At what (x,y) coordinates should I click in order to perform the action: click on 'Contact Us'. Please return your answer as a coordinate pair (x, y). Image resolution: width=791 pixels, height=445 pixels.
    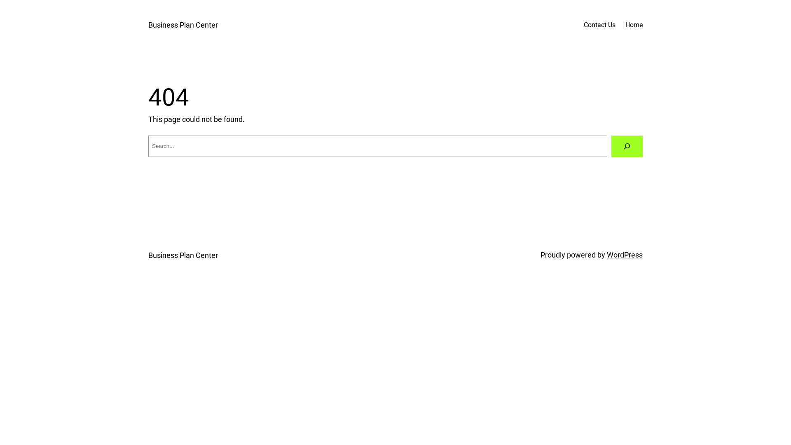
    Looking at the image, I should click on (599, 25).